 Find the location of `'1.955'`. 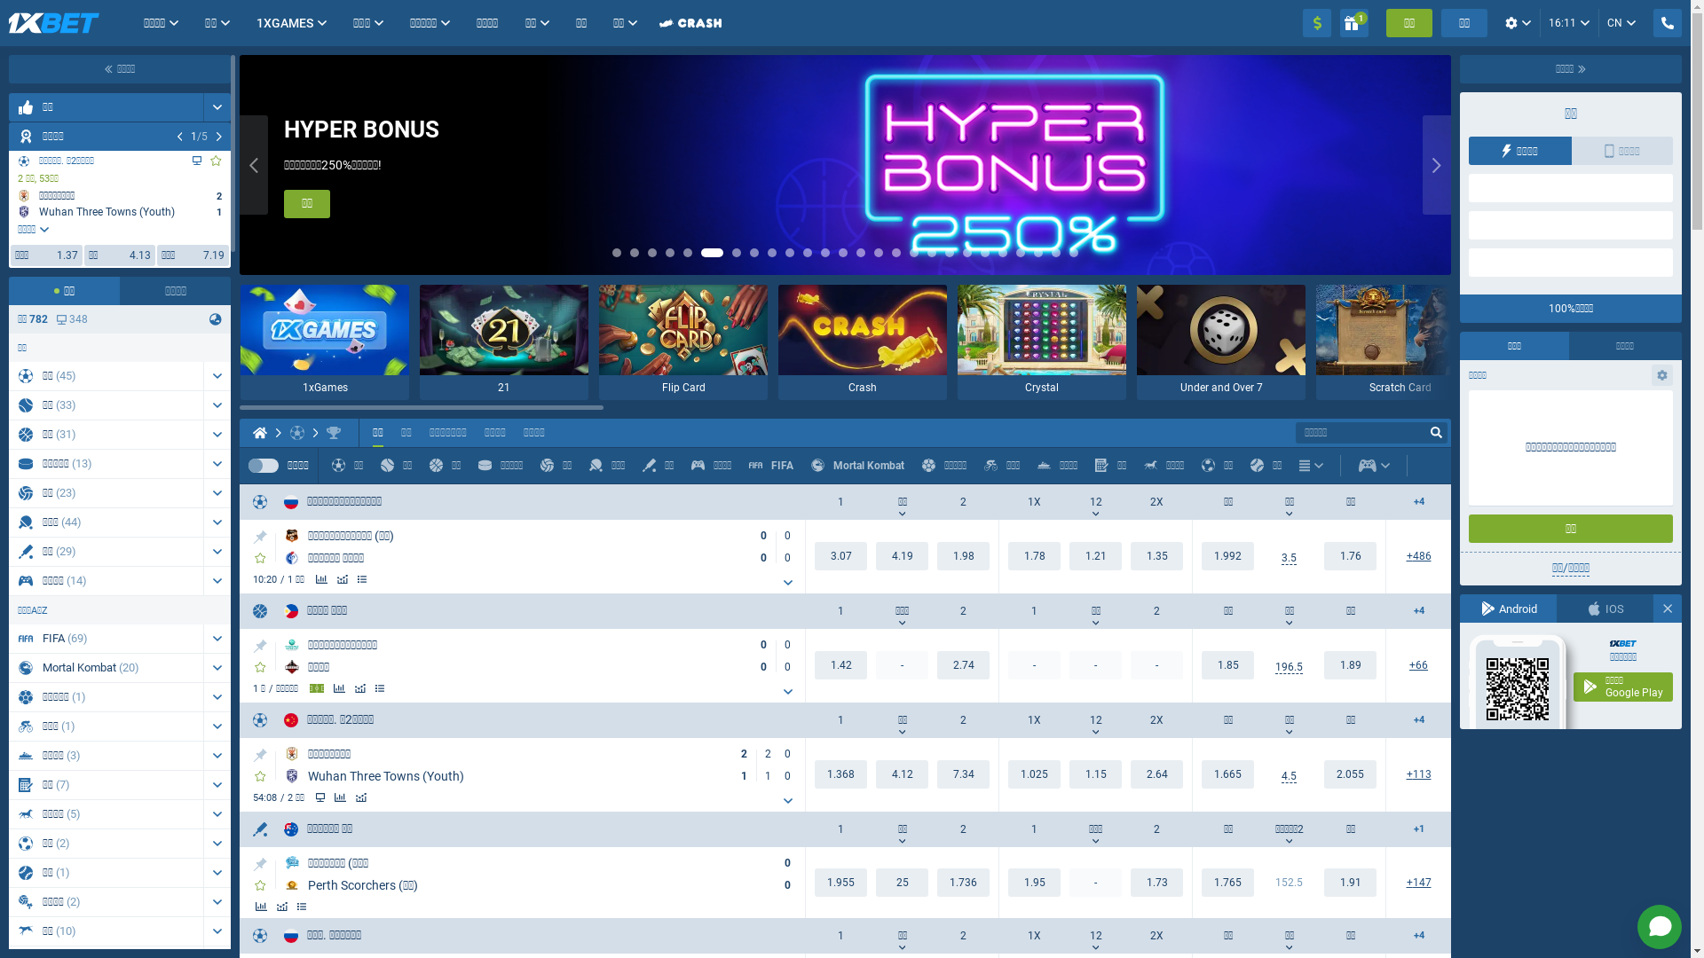

'1.955' is located at coordinates (840, 883).